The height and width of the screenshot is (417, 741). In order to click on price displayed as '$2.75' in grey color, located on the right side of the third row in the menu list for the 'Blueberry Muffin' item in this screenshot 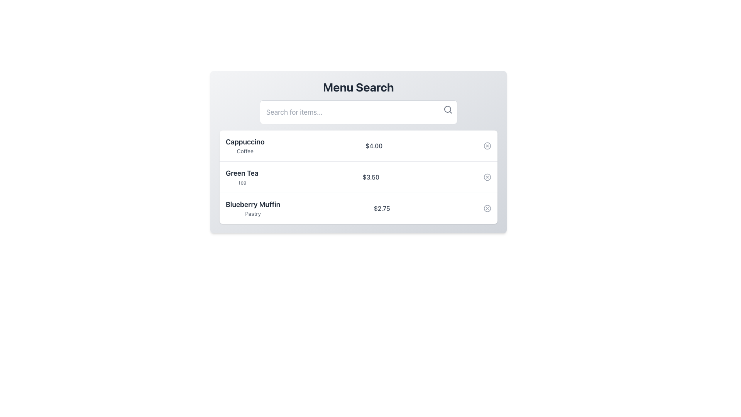, I will do `click(382, 208)`.